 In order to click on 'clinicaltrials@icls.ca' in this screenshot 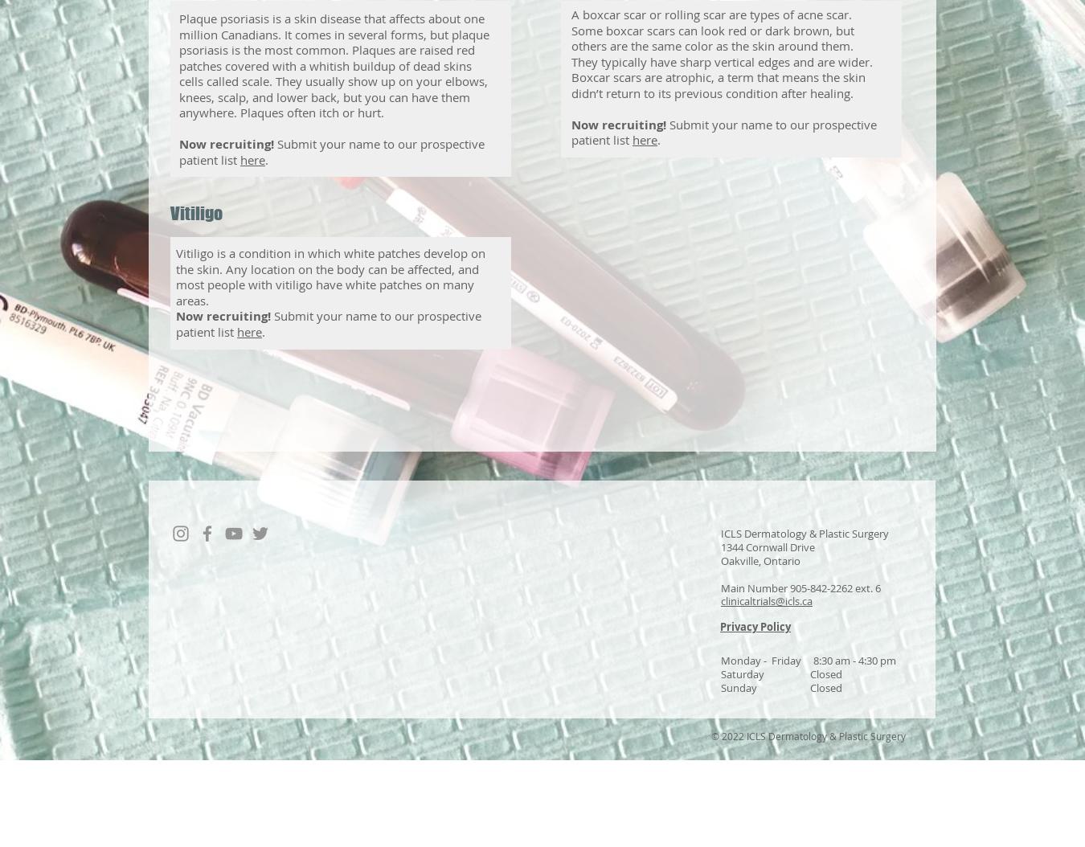, I will do `click(766, 601)`.